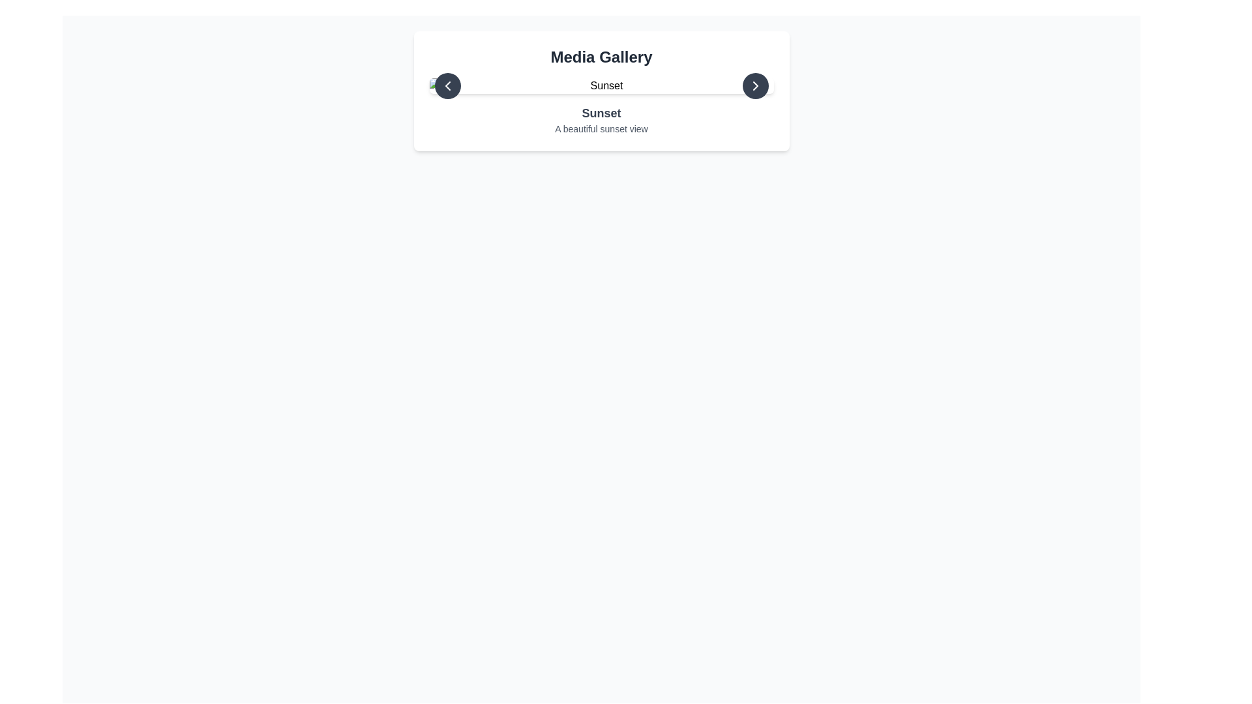 The image size is (1252, 704). Describe the element at coordinates (447, 85) in the screenshot. I see `the left-facing chevron icon in the 'Media Gallery' card layout, which is styled with a thin outline and is located in the upper left region of the component` at that location.